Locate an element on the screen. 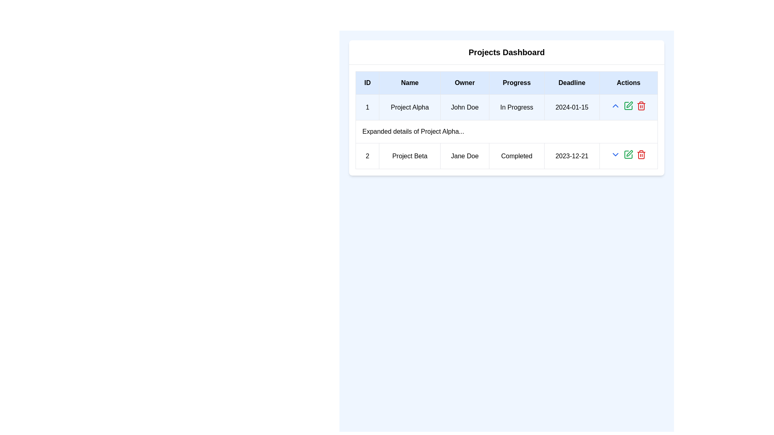 This screenshot has width=774, height=435. the last column header in the table, which indicates options for actions corresponding to row entries is located at coordinates (628, 83).